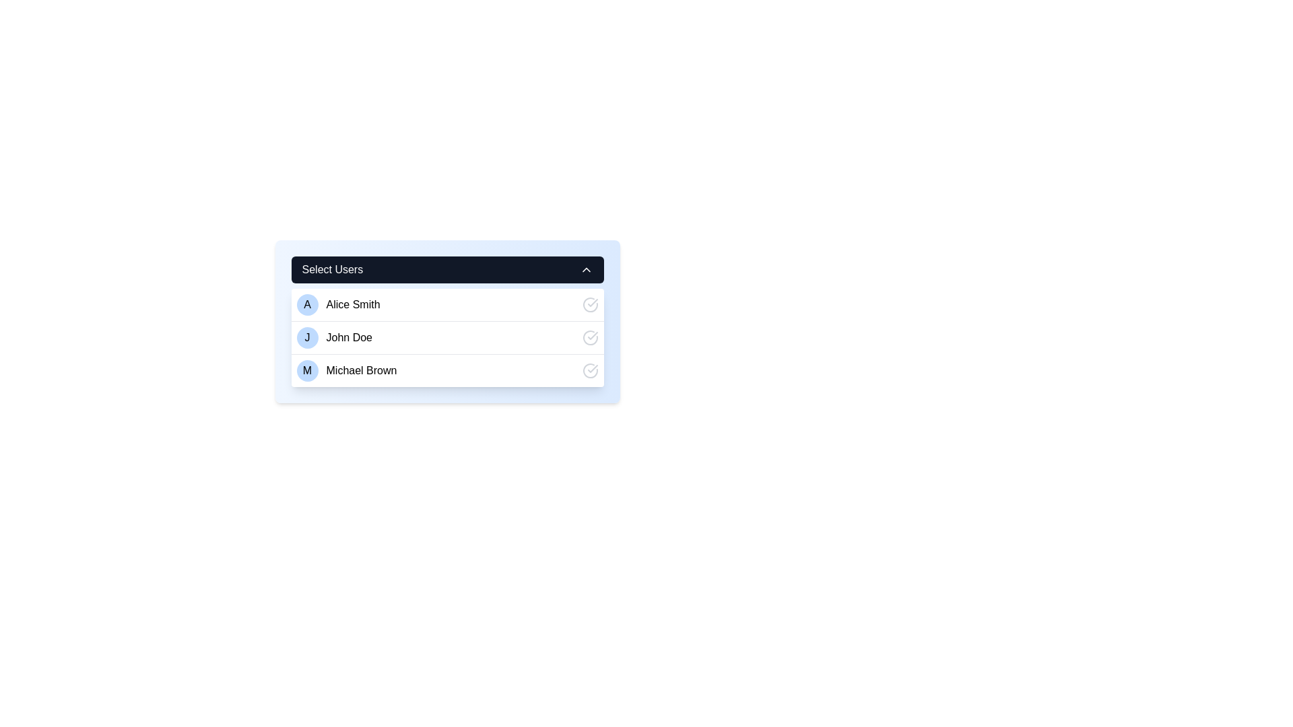 Image resolution: width=1293 pixels, height=727 pixels. What do you see at coordinates (353, 304) in the screenshot?
I see `the content of the text label displaying the name 'Alice Smith', which is the first entry in the user selection list` at bounding box center [353, 304].